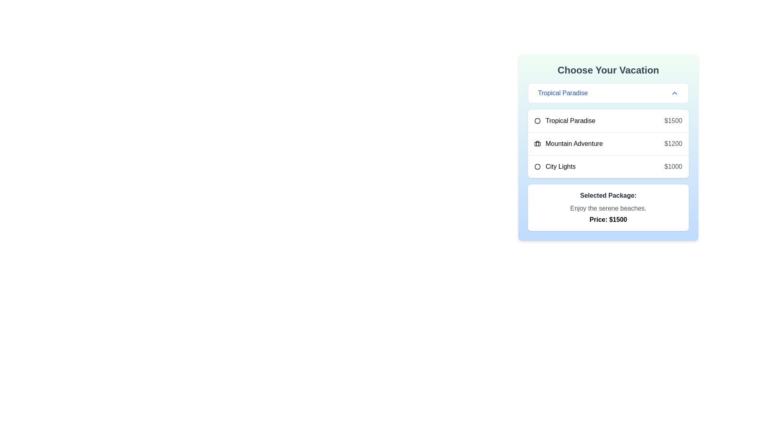 The height and width of the screenshot is (434, 772). What do you see at coordinates (568, 143) in the screenshot?
I see `the 'Mountain Adventure' label with the briefcase icon, which is the second option in the list of vacation packages` at bounding box center [568, 143].